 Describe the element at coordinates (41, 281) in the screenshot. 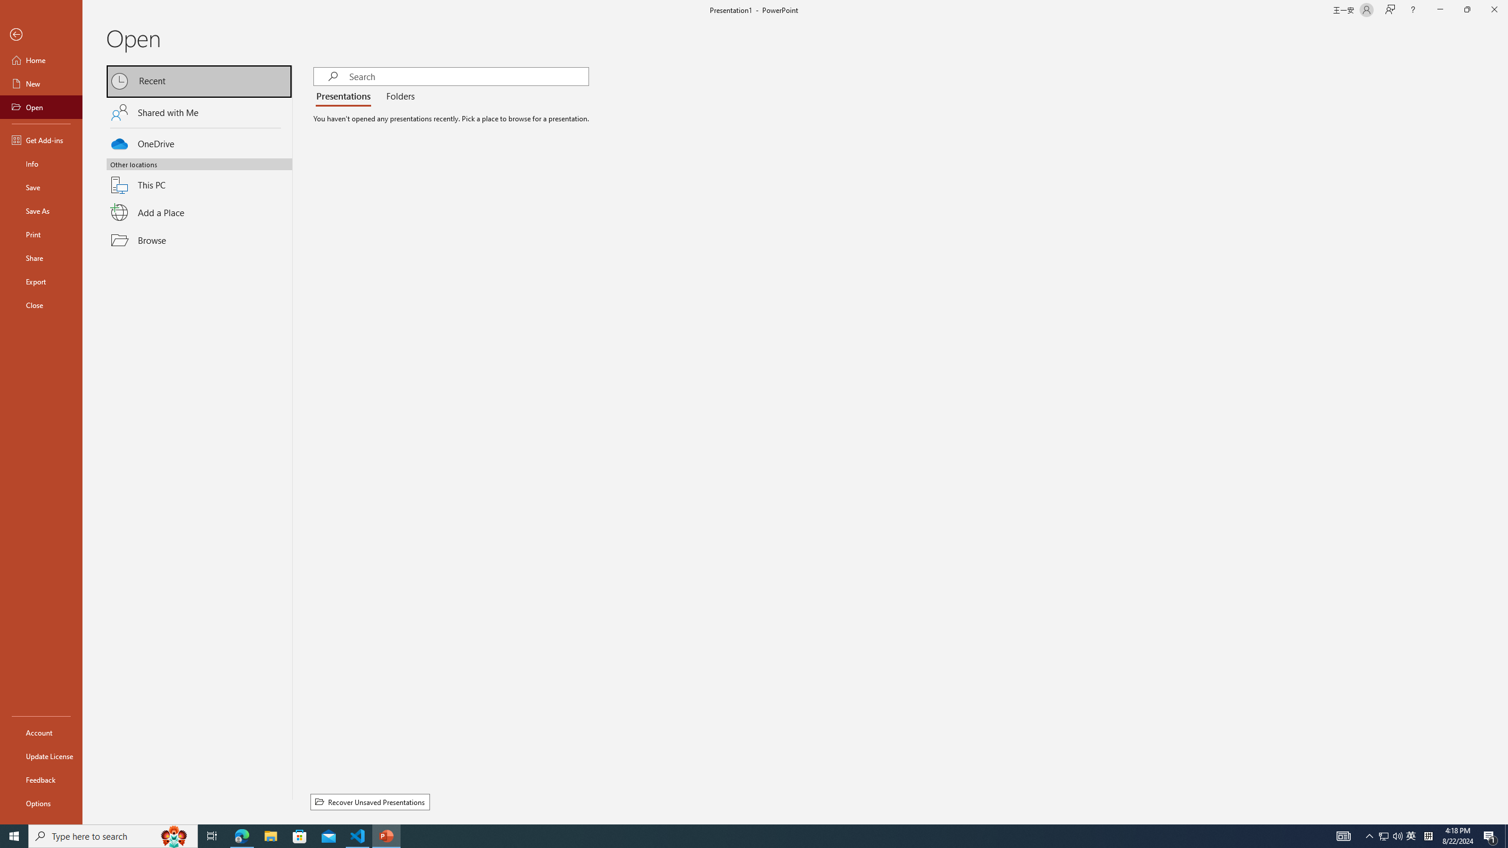

I see `'Export'` at that location.